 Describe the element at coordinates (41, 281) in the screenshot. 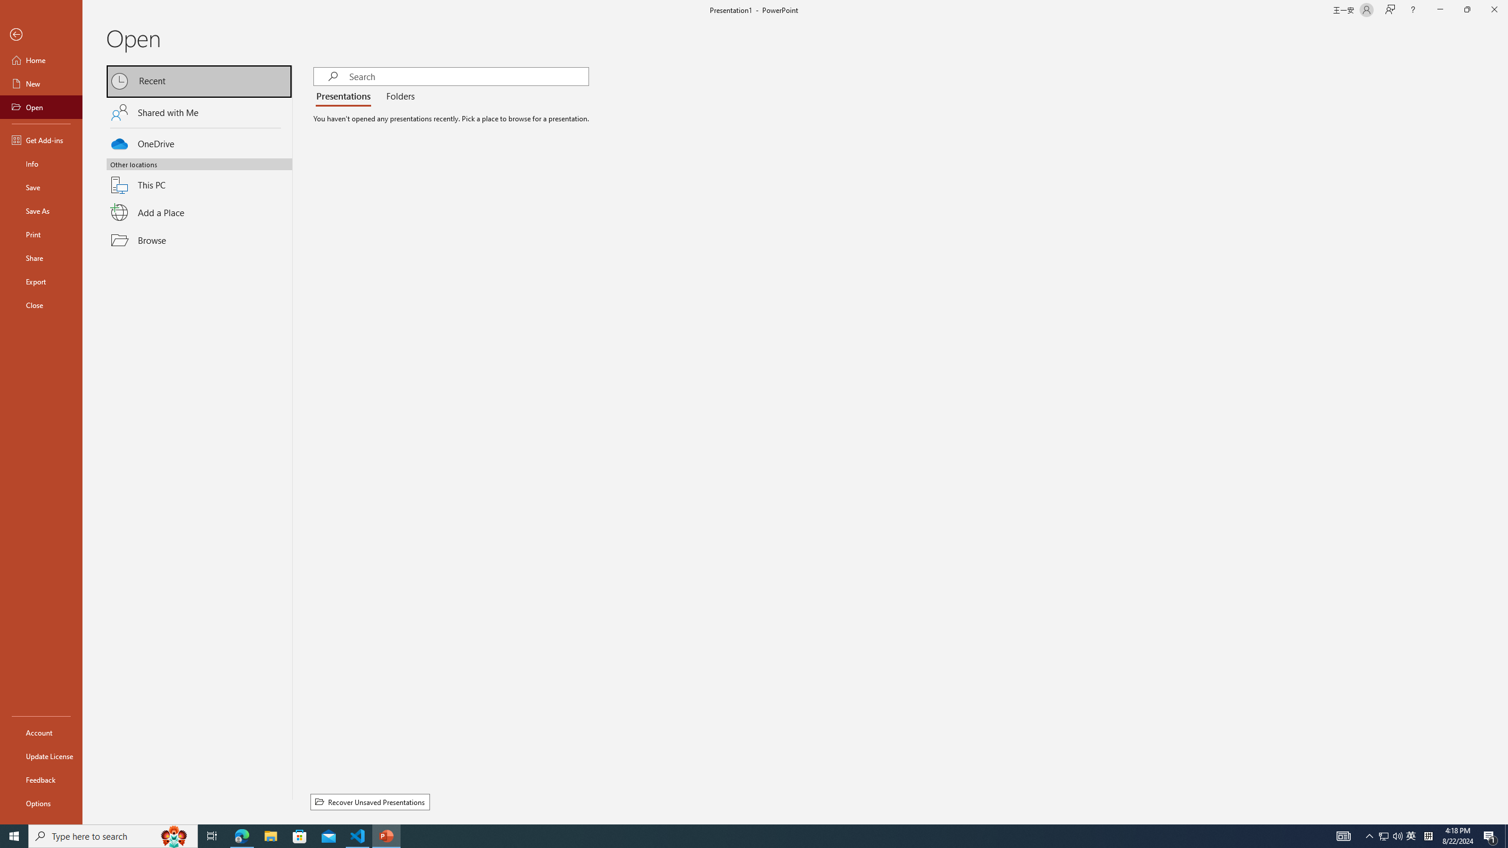

I see `'Export'` at that location.